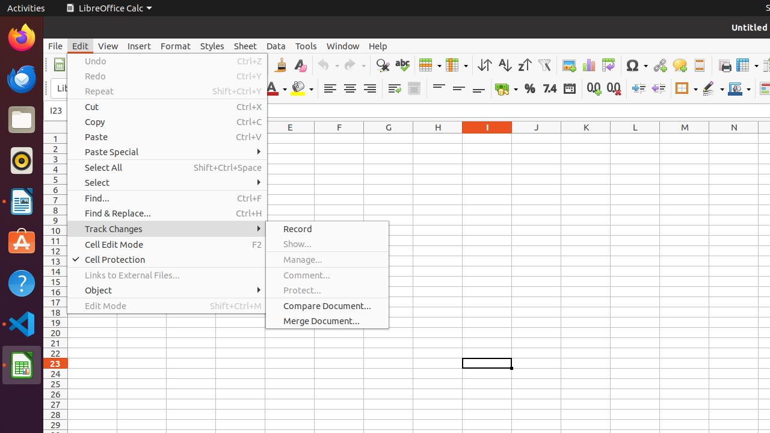 Image resolution: width=770 pixels, height=433 pixels. I want to click on 'Date', so click(568, 88).